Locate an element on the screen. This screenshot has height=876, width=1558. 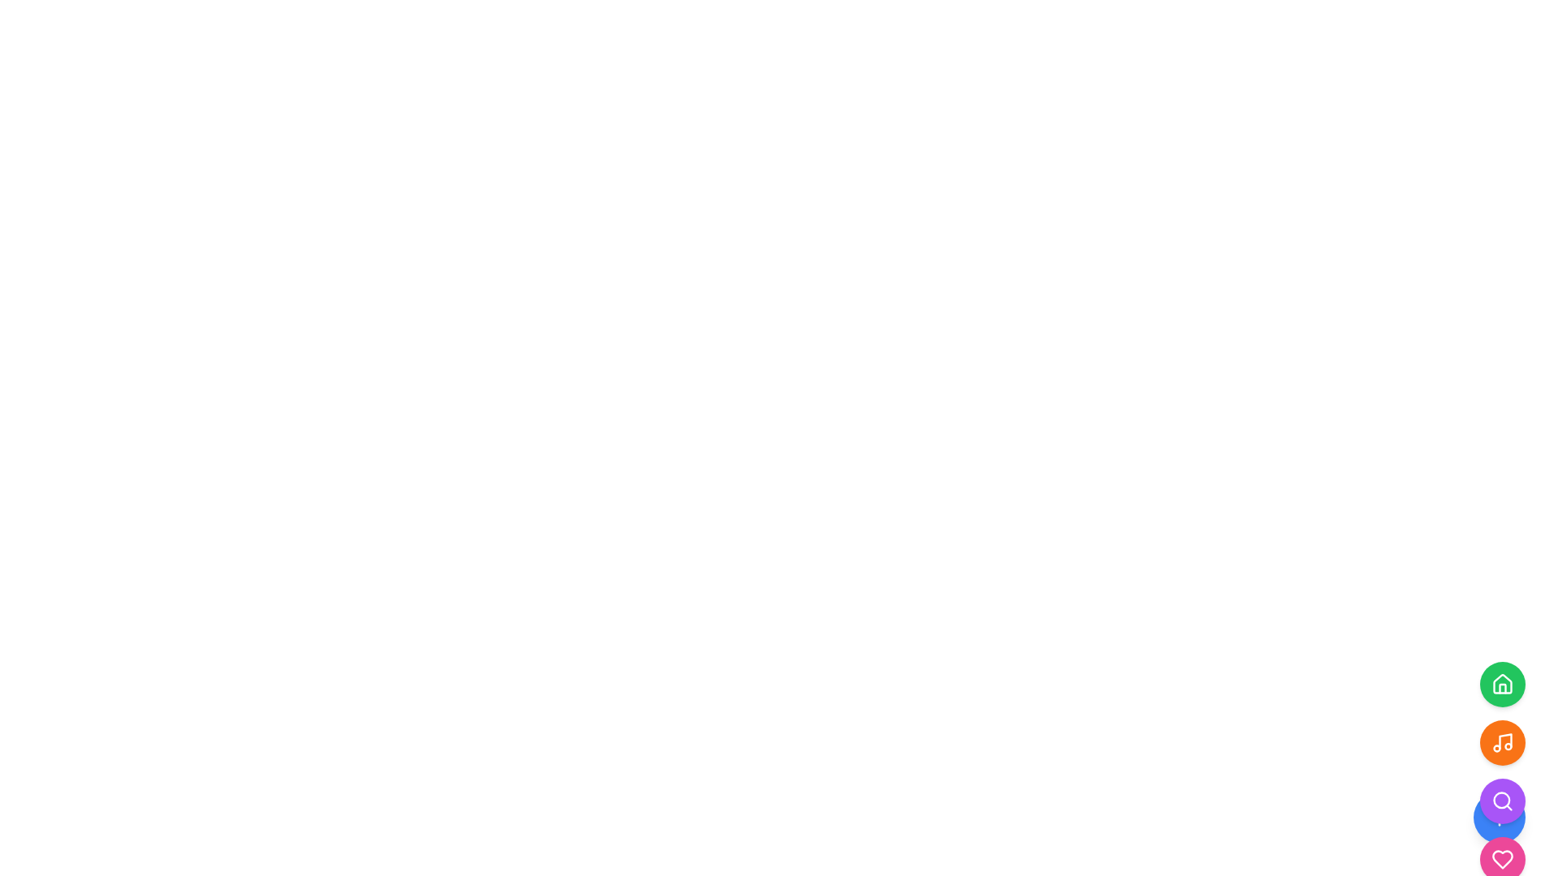
the heart-shaped icon button with a pink border is located at coordinates (1502, 859).